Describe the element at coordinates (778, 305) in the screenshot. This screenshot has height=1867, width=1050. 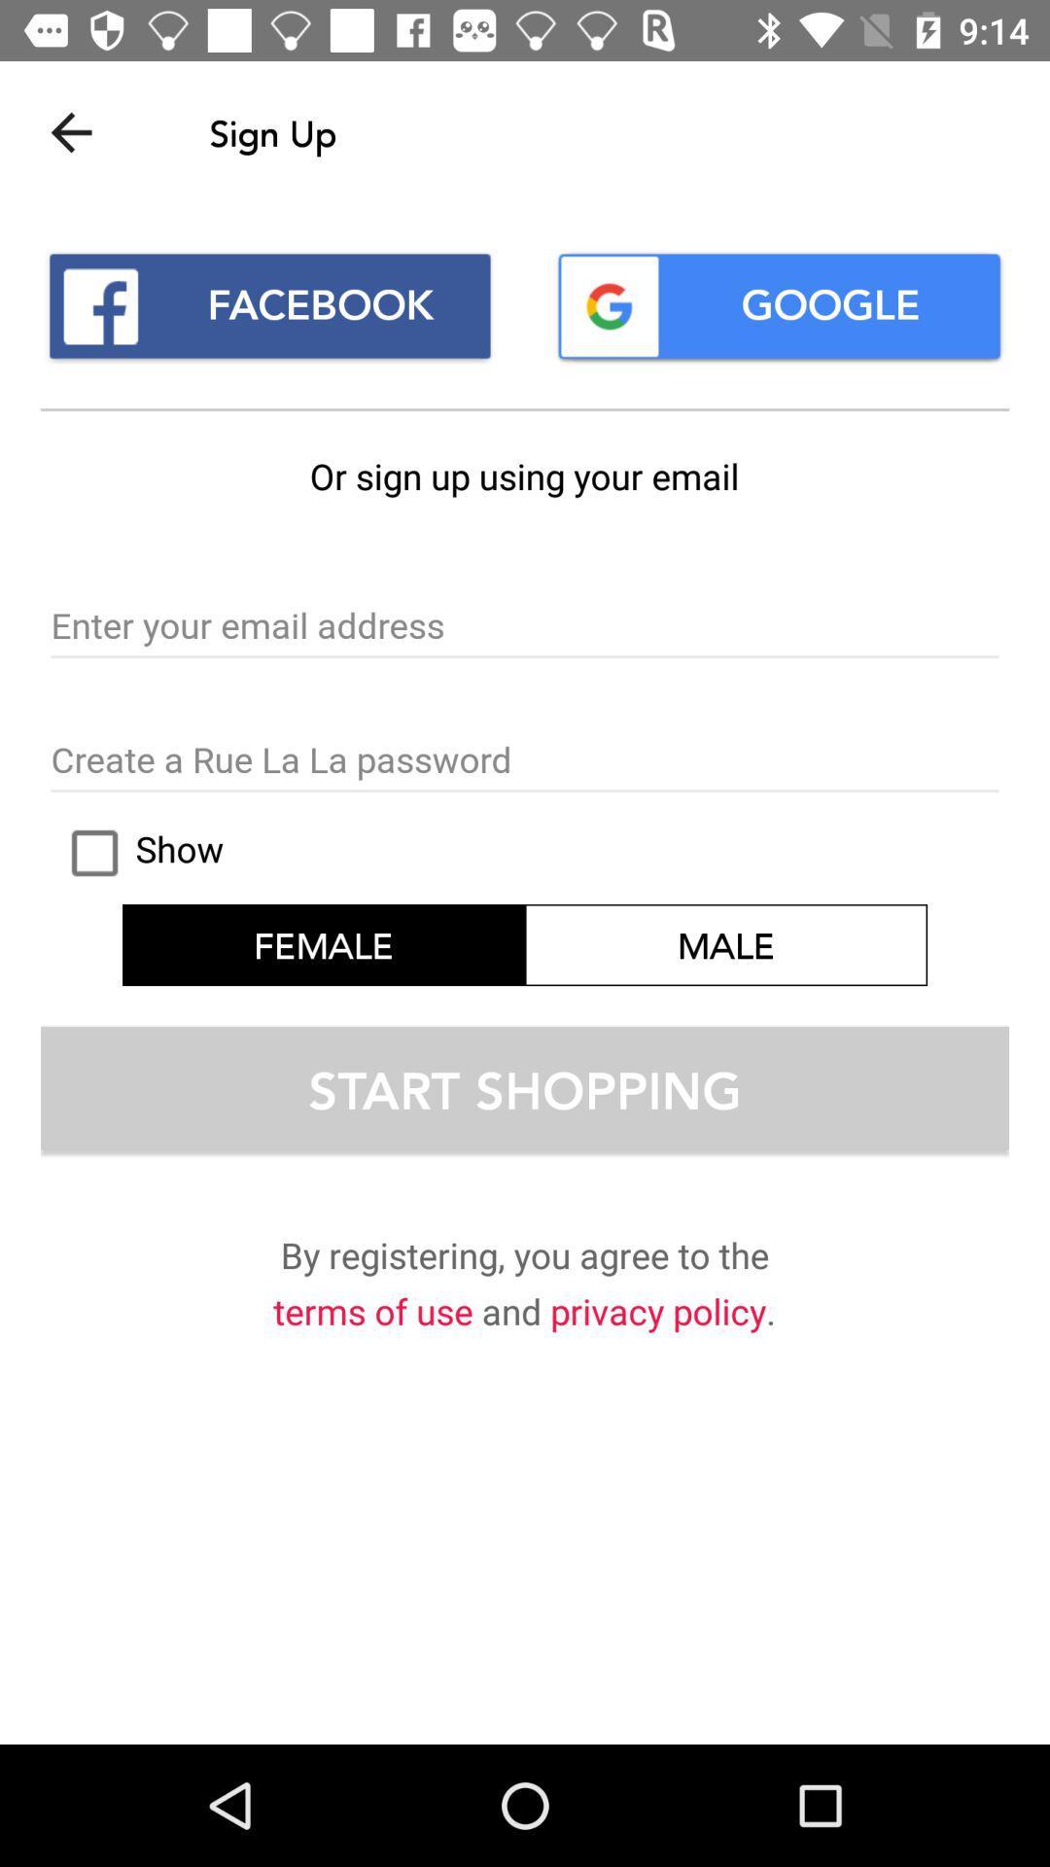
I see `google icon` at that location.